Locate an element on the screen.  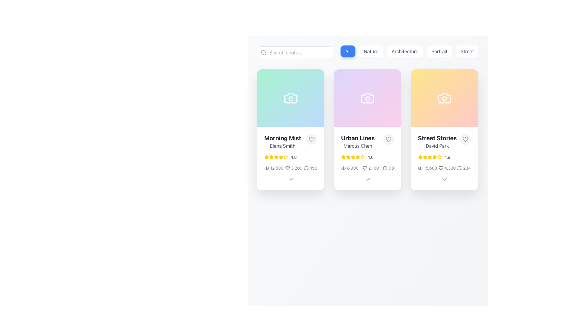
the fifth star-shaped icon filled with yellow color in the rating section of the 'Street Stories' card, which is the third card in the row is located at coordinates (439, 157).